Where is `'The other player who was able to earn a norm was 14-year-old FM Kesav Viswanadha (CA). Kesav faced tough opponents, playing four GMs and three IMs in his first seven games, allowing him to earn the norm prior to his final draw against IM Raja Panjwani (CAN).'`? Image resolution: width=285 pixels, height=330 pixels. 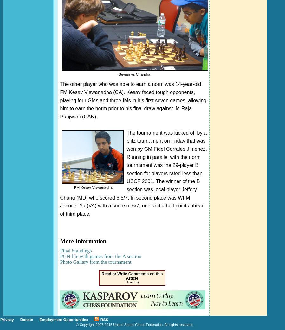
'The other player who was able to earn a norm was 14-year-old FM Kesav Viswanadha (CA). Kesav faced tough opponents, playing four GMs and three IMs in his first seven games, allowing him to earn the norm prior to his final draw against IM Raja Panjwani (CAN).' is located at coordinates (133, 100).